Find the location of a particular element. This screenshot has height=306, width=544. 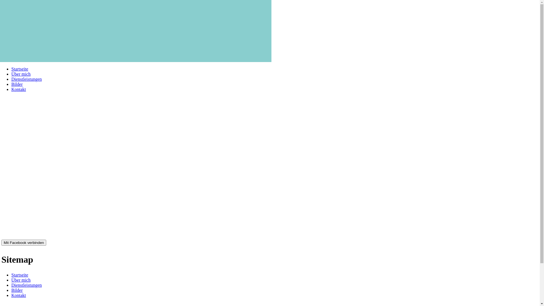

'Bilder' is located at coordinates (11, 290).